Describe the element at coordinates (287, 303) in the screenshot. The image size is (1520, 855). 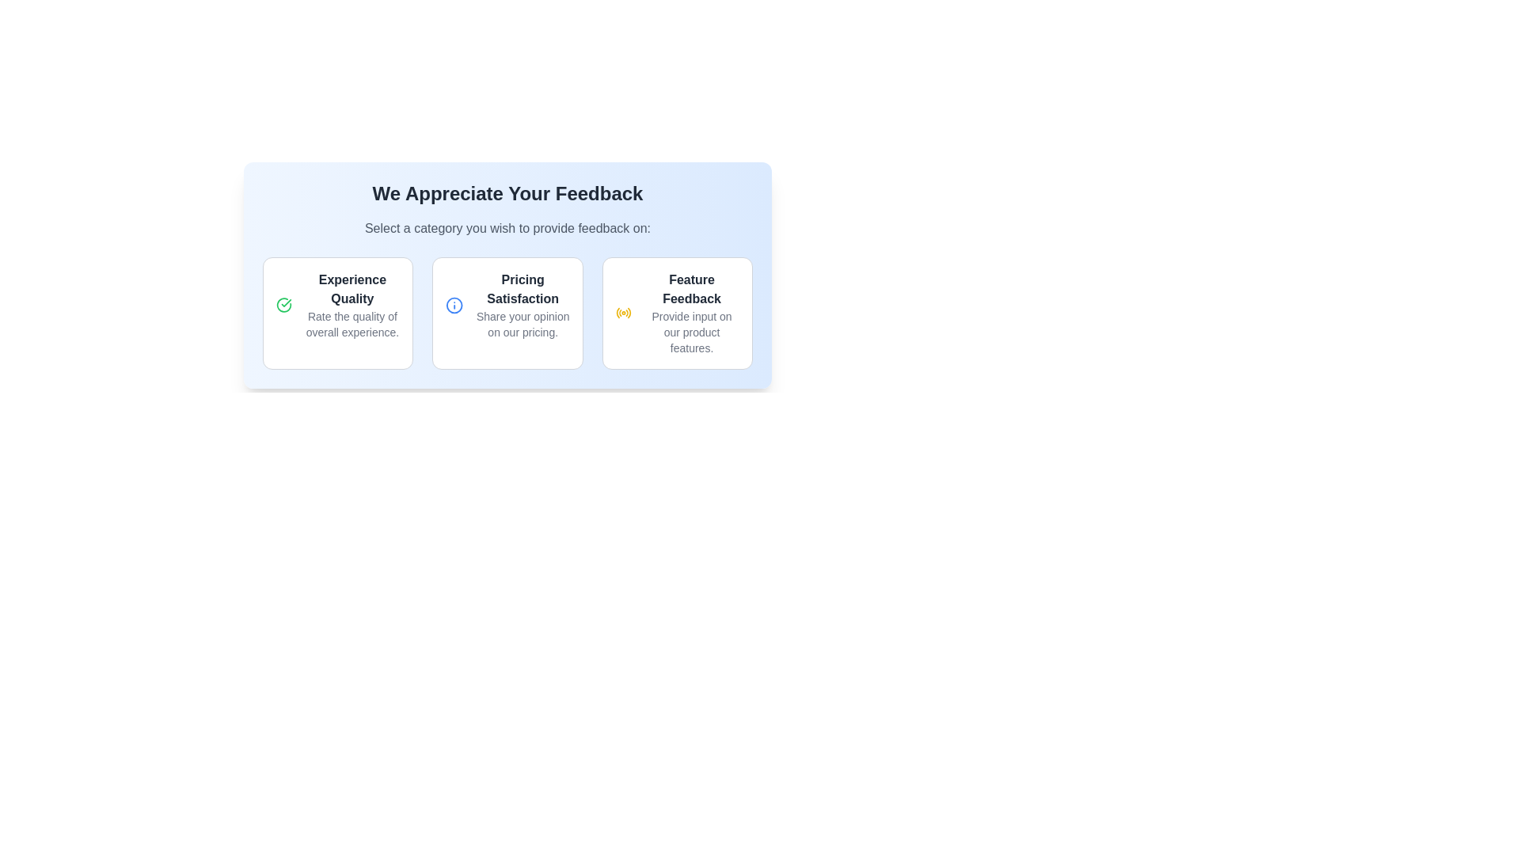
I see `the icon indicating successful or selected status within the 'Experience Quality' feedback option on the left-hand side` at that location.